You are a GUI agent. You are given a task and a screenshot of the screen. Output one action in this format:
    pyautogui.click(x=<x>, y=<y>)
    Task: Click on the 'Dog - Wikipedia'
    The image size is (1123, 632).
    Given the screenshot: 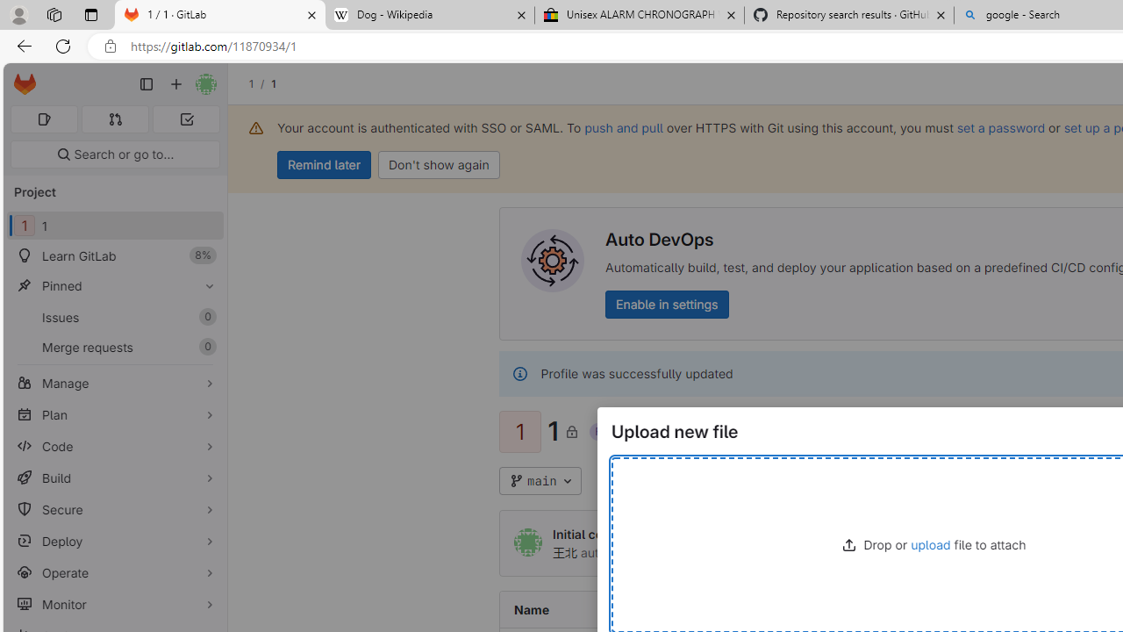 What is the action you would take?
    pyautogui.click(x=430, y=15)
    